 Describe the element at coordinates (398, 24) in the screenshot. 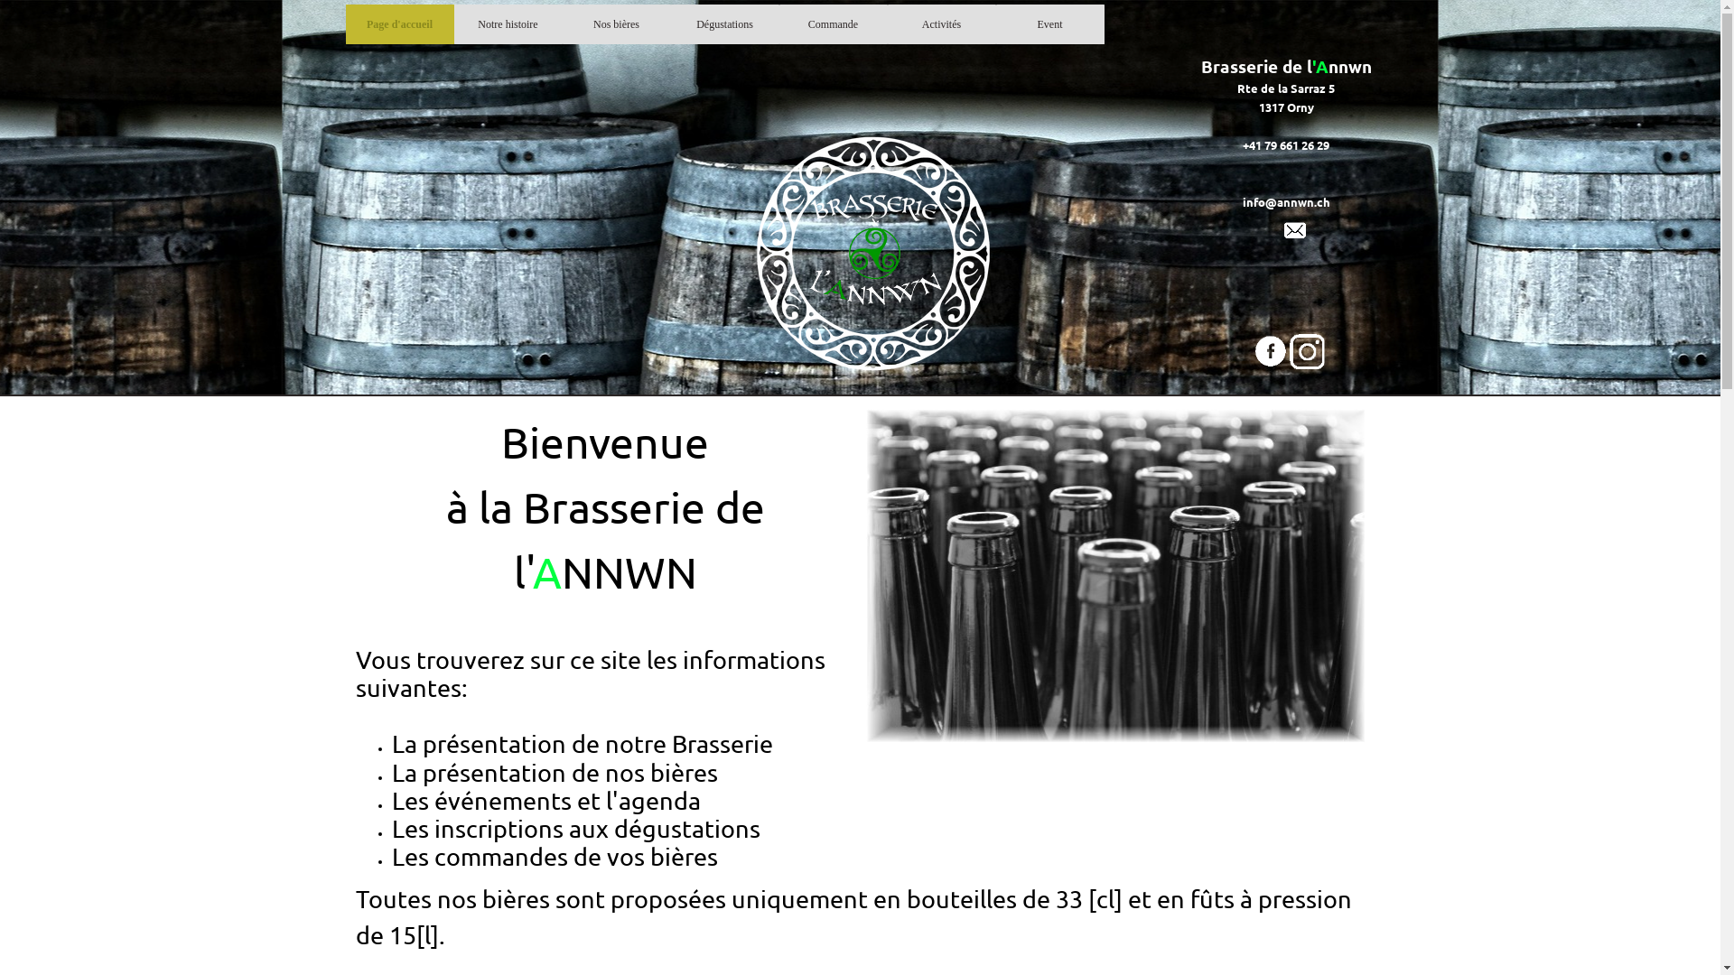

I see `'Page d'accueil'` at that location.